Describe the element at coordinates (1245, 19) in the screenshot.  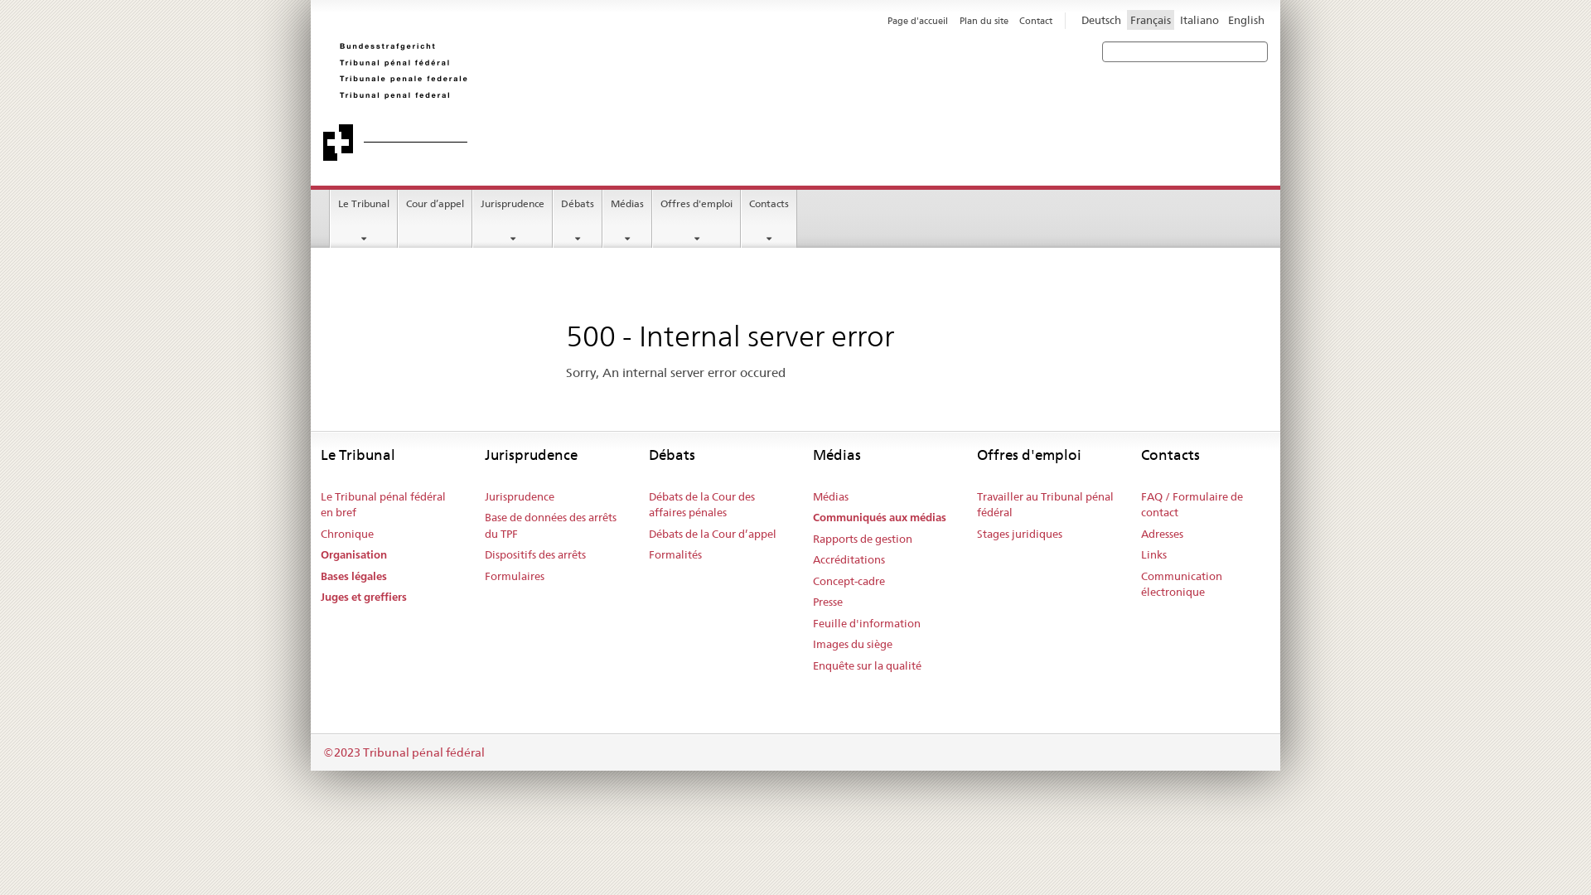
I see `'English'` at that location.